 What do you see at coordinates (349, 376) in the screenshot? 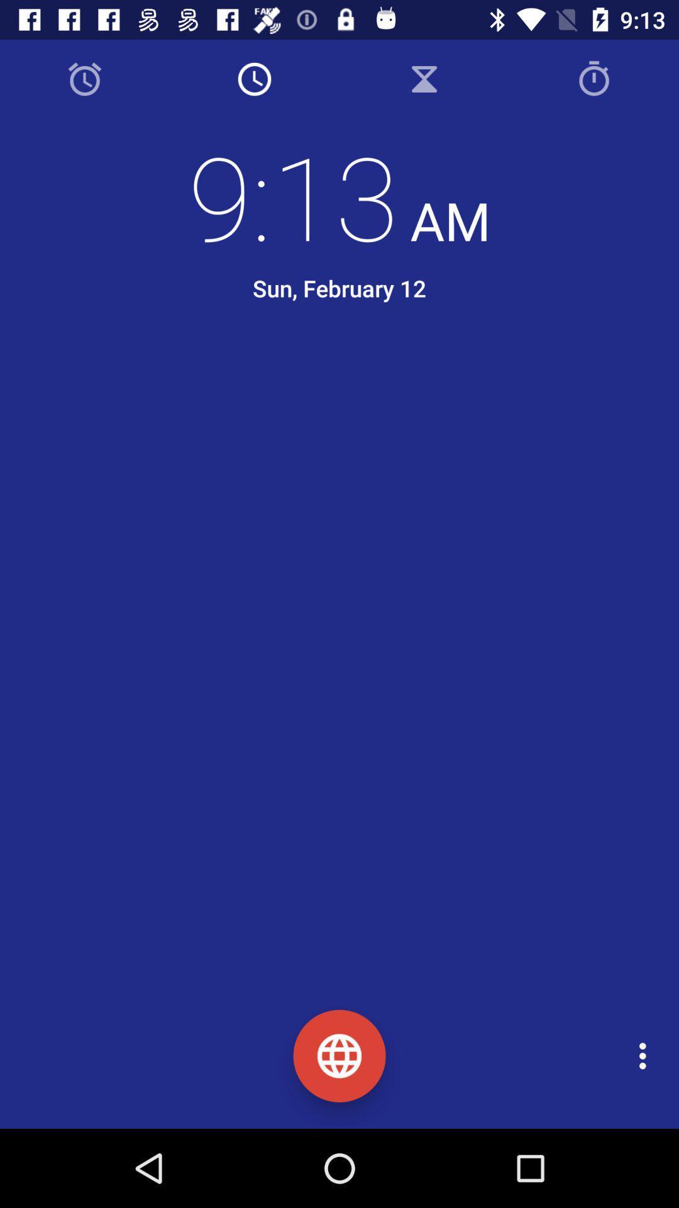
I see `the icon below the sun, february 12` at bounding box center [349, 376].